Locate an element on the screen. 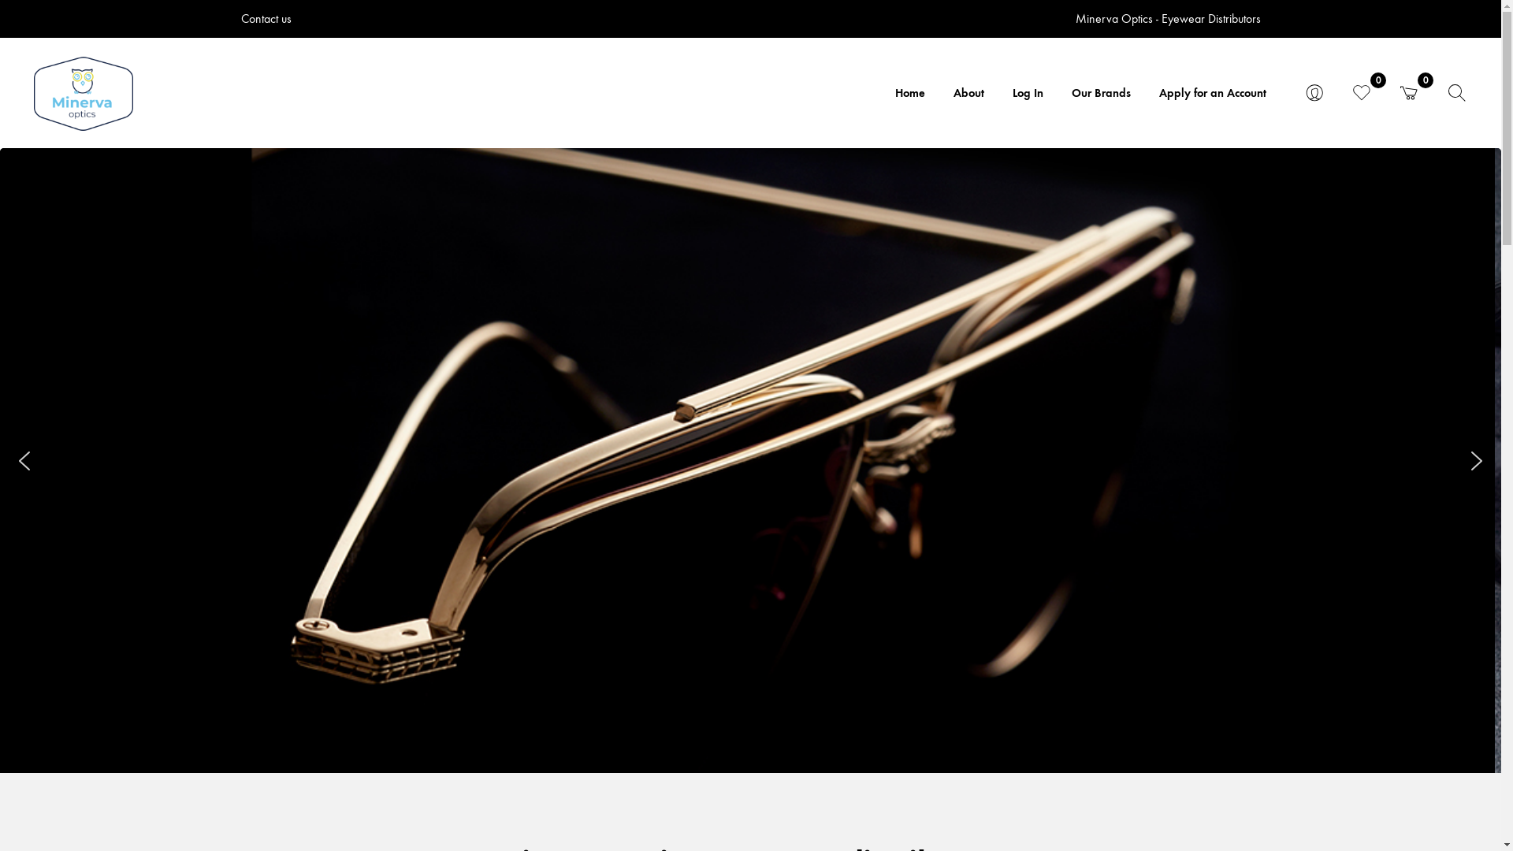  '0' is located at coordinates (1361, 94).